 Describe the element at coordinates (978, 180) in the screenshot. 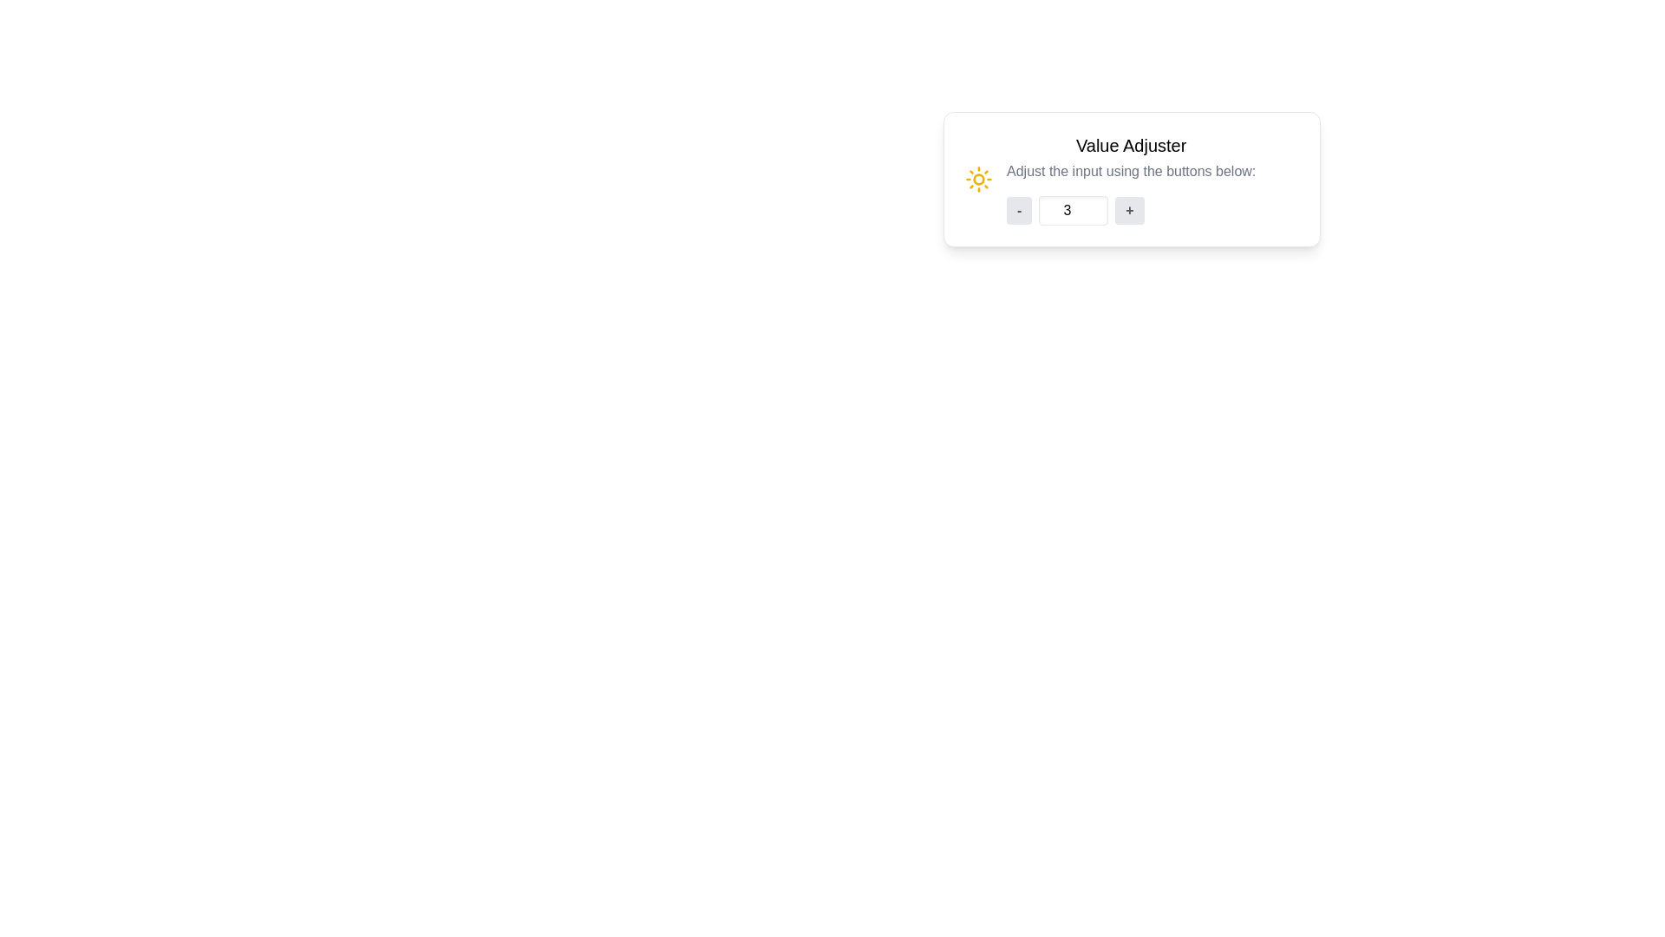

I see `the decorative graphic, which is a circular element located at the center of the sun icon within the 'Value Adjuster' widget` at that location.